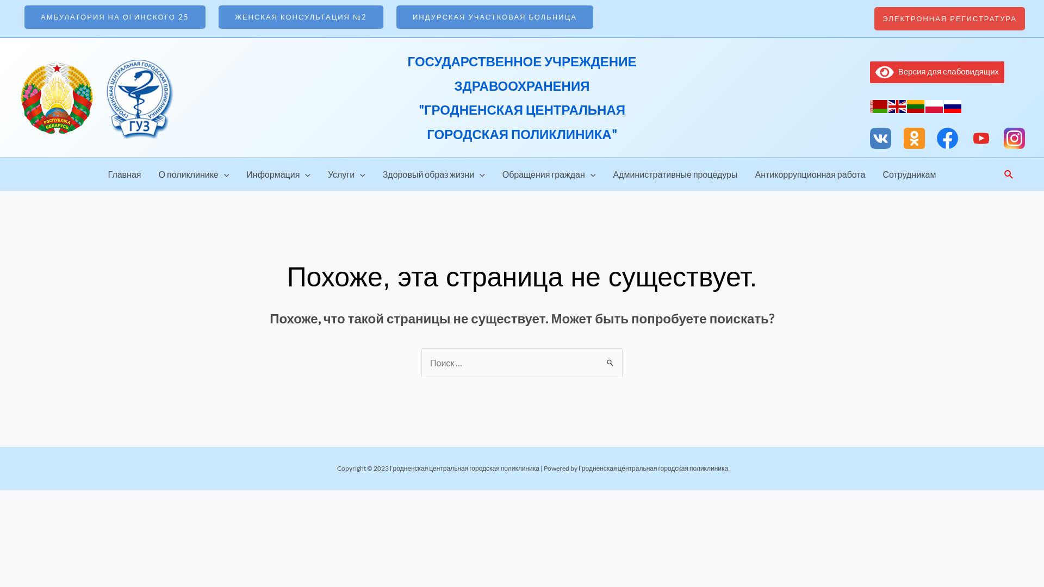  What do you see at coordinates (952, 105) in the screenshot?
I see `'Russian'` at bounding box center [952, 105].